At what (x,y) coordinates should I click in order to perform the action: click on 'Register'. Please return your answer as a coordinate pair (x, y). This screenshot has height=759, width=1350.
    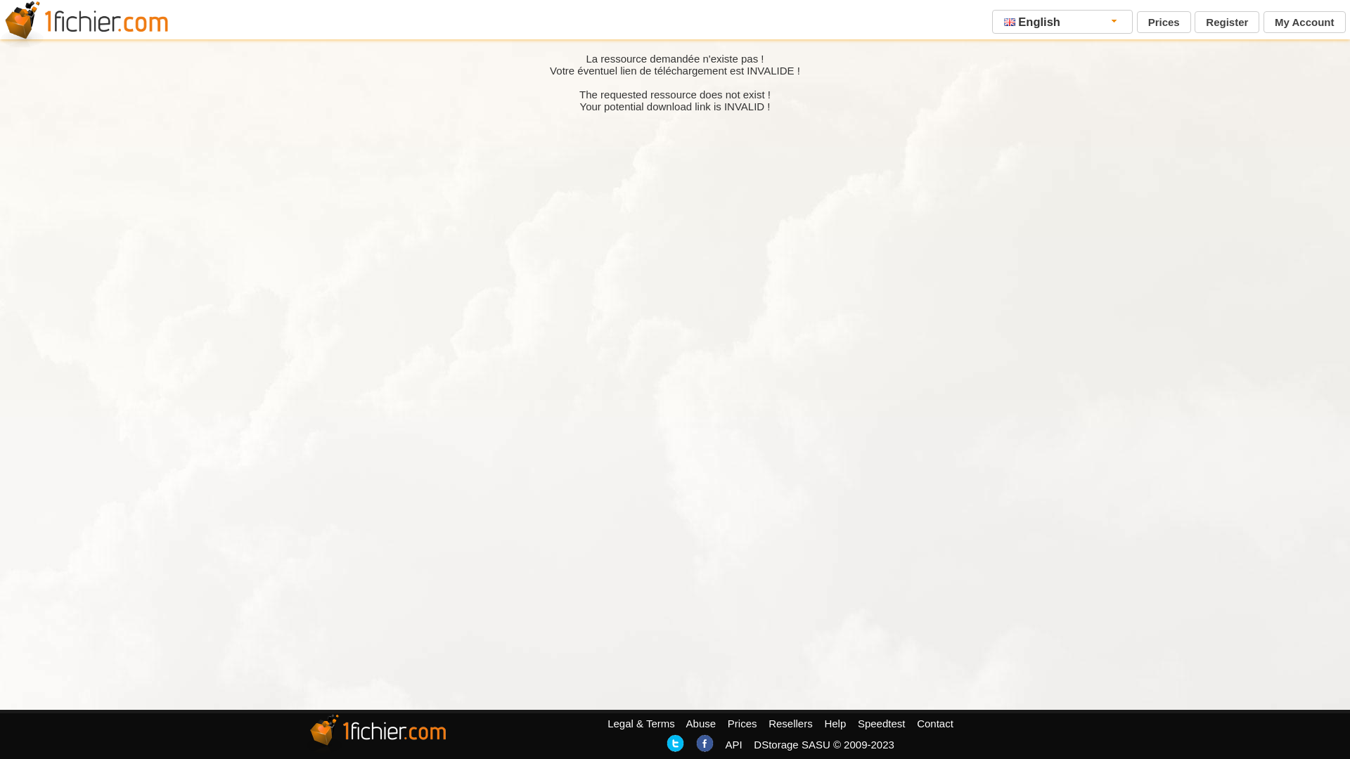
    Looking at the image, I should click on (1194, 22).